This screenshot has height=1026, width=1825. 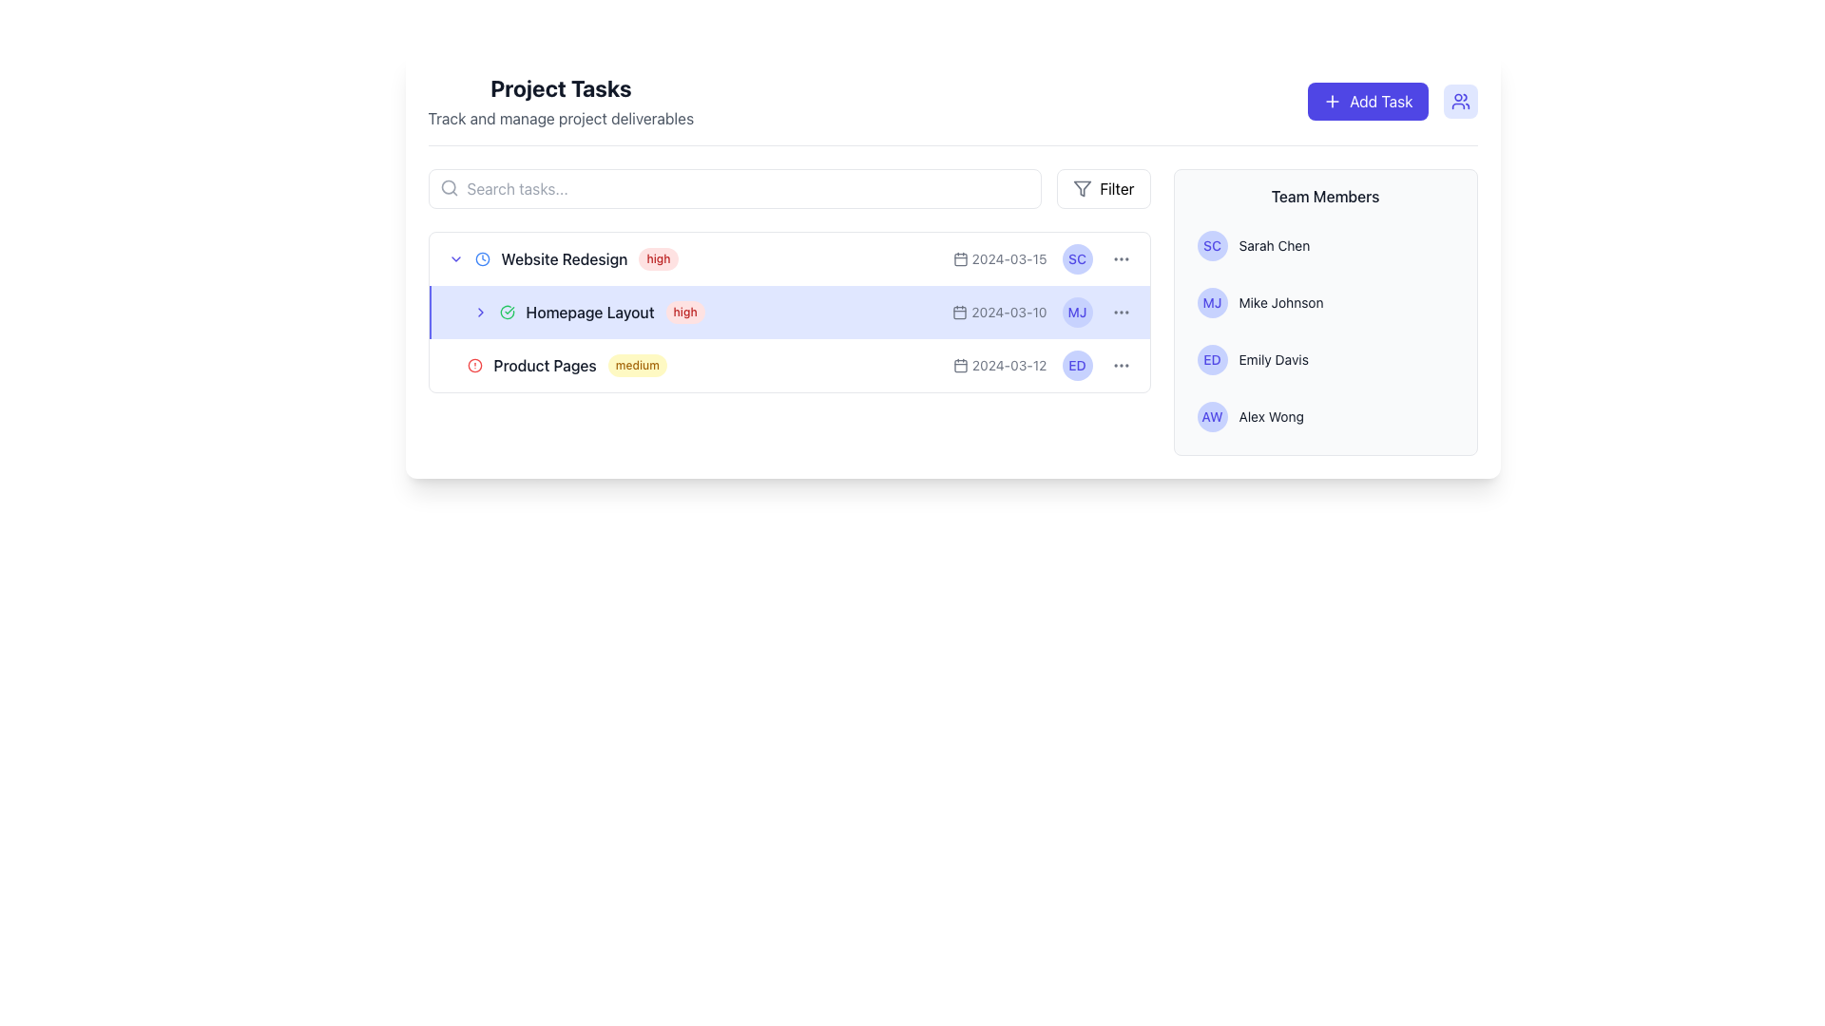 What do you see at coordinates (1077, 259) in the screenshot?
I see `the Avatar icon with a light indigo background and 'SC' text in bold indigo color, located in the task row for 'Website Redesign' near the date '2024-03-15'` at bounding box center [1077, 259].